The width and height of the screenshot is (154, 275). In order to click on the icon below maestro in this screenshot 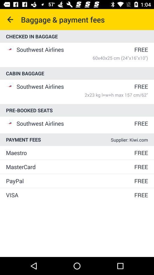, I will do `click(70, 167)`.